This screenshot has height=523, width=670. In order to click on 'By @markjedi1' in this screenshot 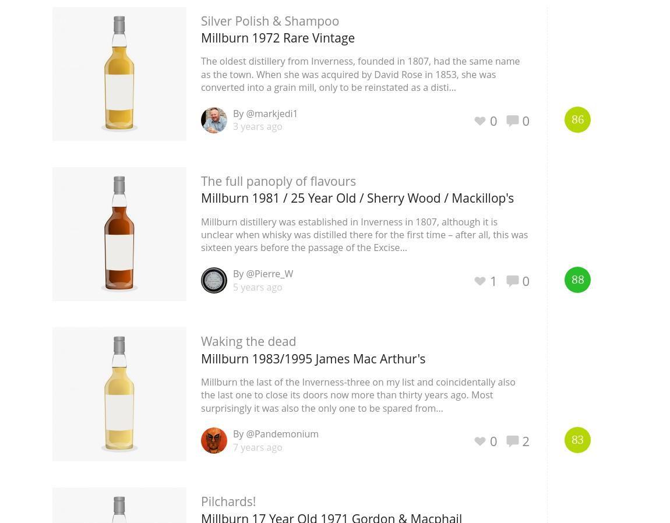, I will do `click(265, 112)`.